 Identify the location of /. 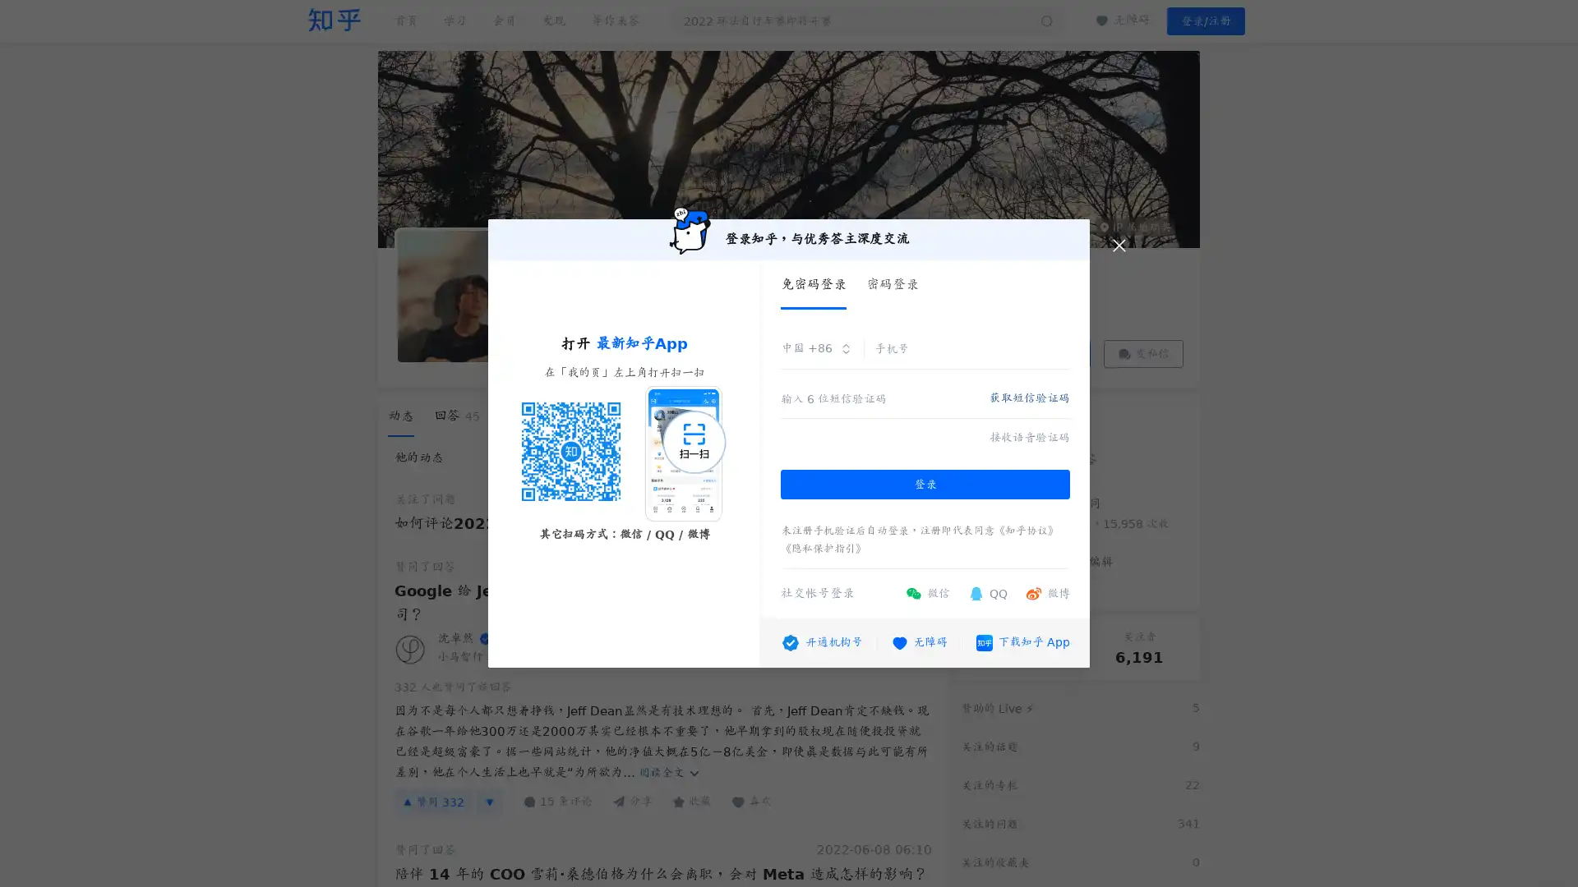
(1206, 21).